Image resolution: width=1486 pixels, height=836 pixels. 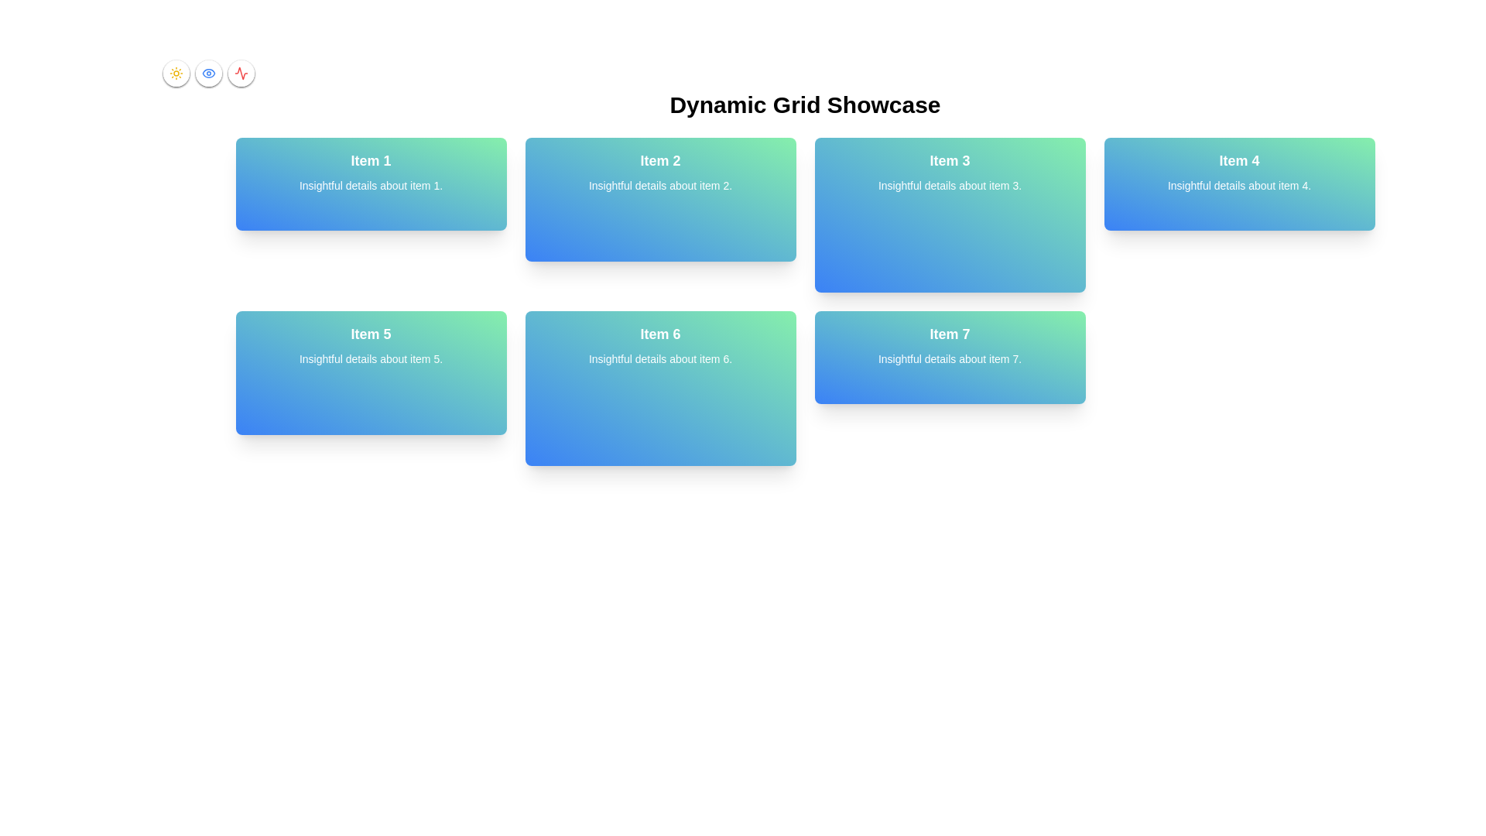 What do you see at coordinates (241, 74) in the screenshot?
I see `the third circular button featuring a red waveform icon on a white background` at bounding box center [241, 74].